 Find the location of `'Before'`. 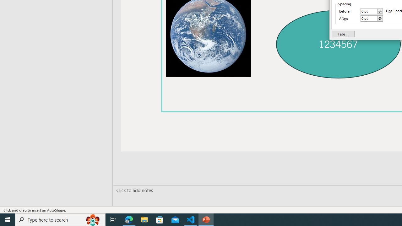

'Before' is located at coordinates (369, 11).